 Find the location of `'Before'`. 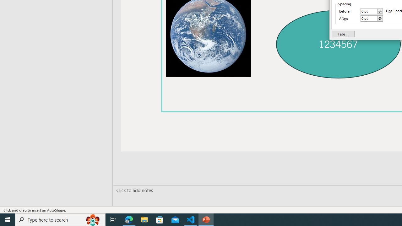

'Before' is located at coordinates (369, 11).